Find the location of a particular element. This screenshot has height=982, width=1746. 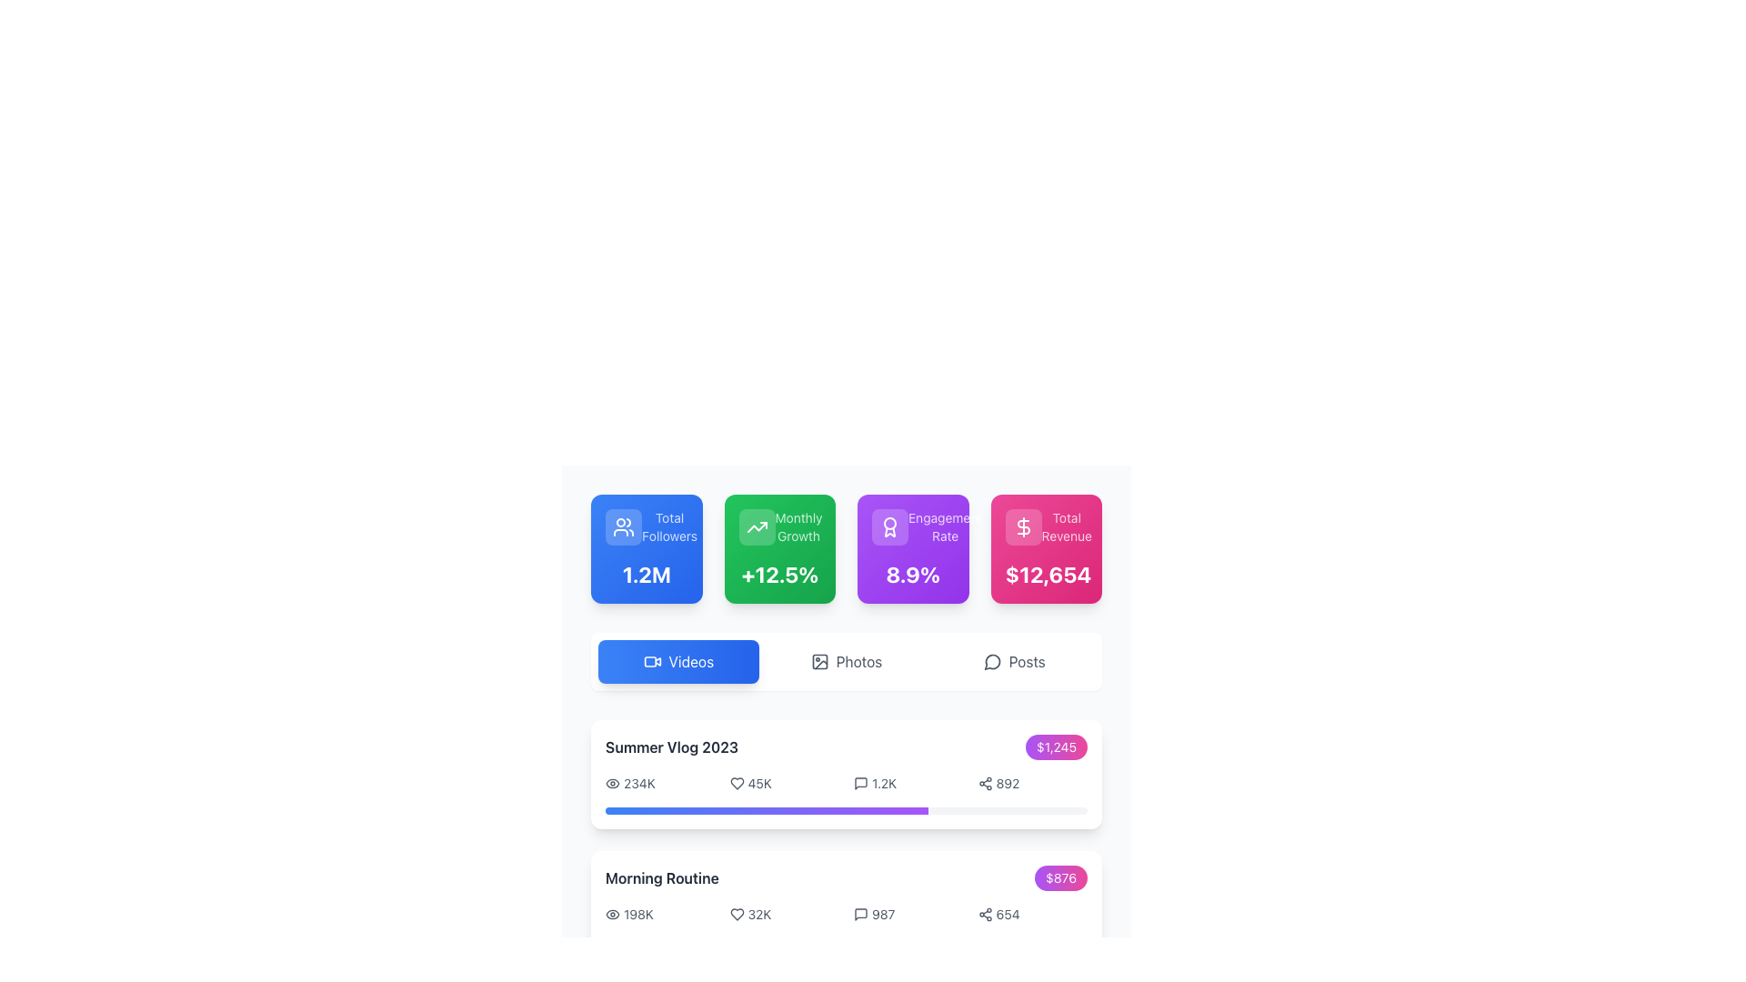

attributes of the Polyline element within the SVG that visually represents positive growth, located above the '+12.5%' text in the green card labeled 'Monthly Growth' is located at coordinates (757, 526).